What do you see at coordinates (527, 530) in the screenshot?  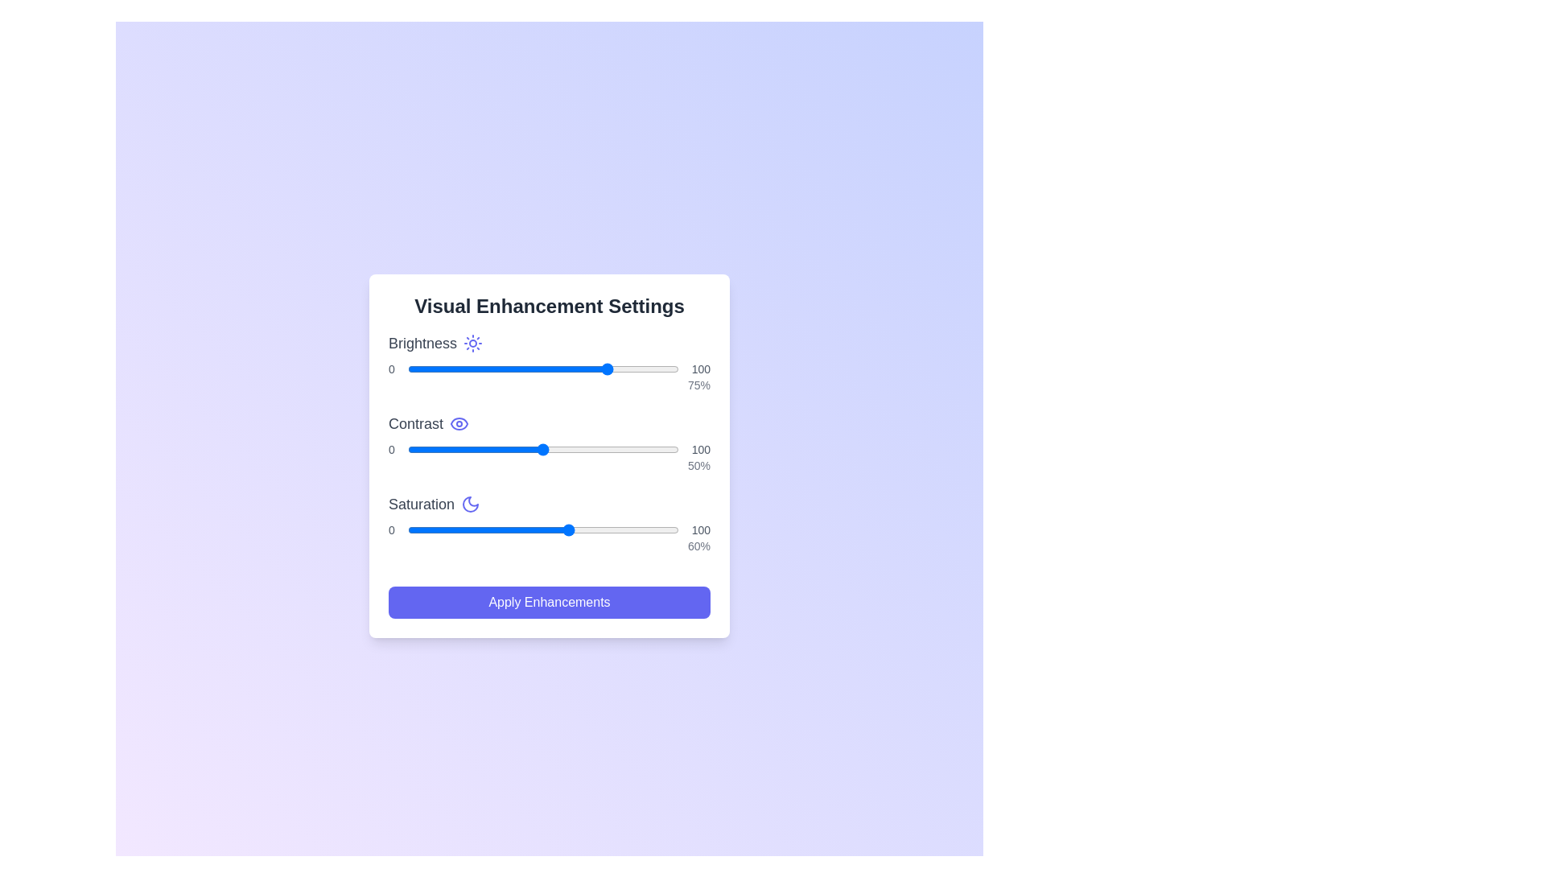 I see `the saturation slider to 44%` at bounding box center [527, 530].